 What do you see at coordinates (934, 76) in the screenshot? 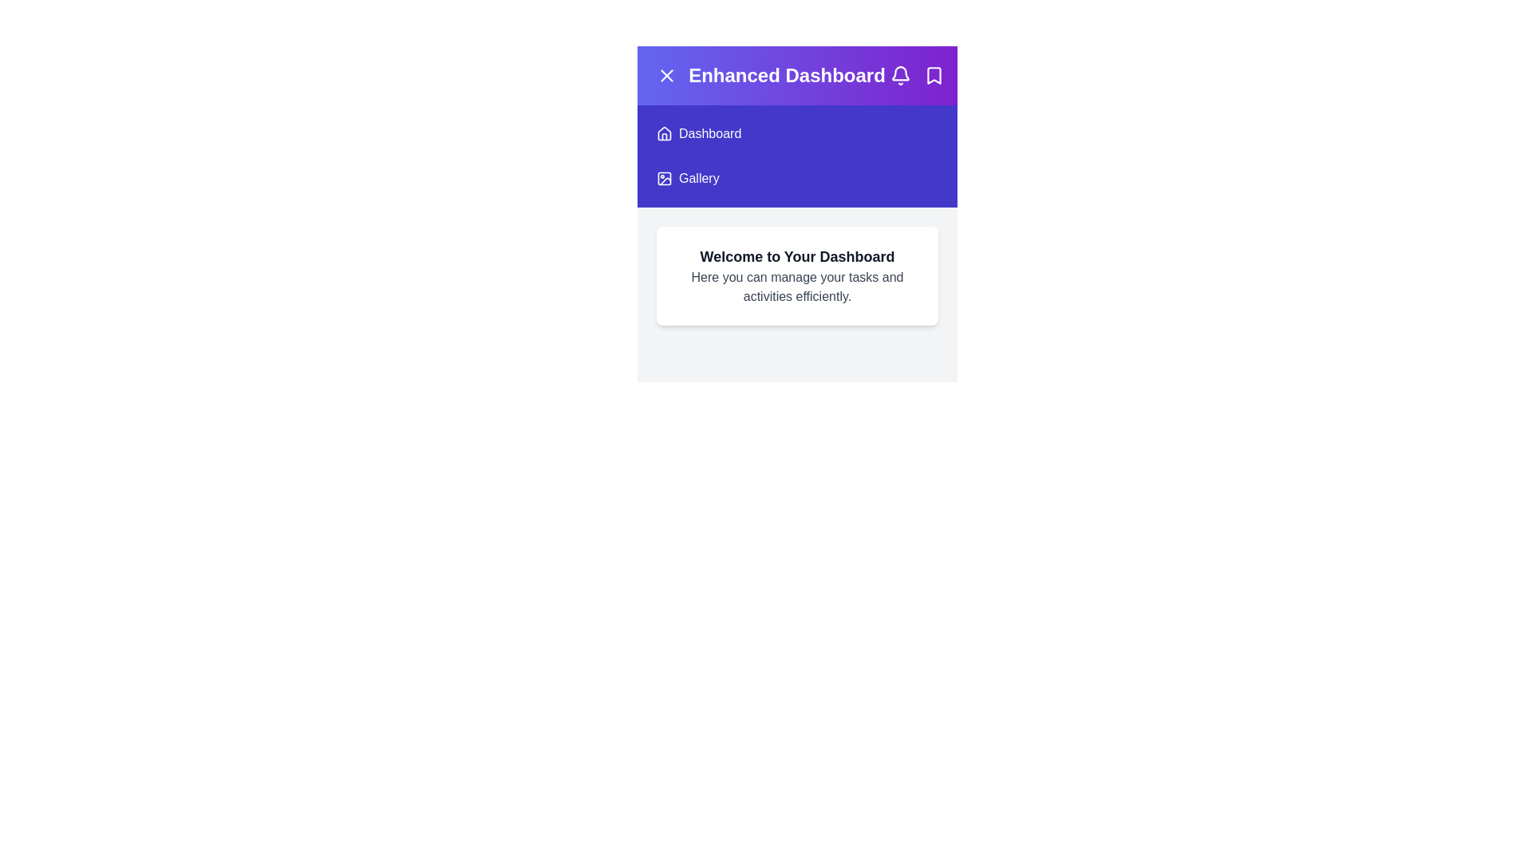
I see `the 'Bookmark' icon to interact with it` at bounding box center [934, 76].